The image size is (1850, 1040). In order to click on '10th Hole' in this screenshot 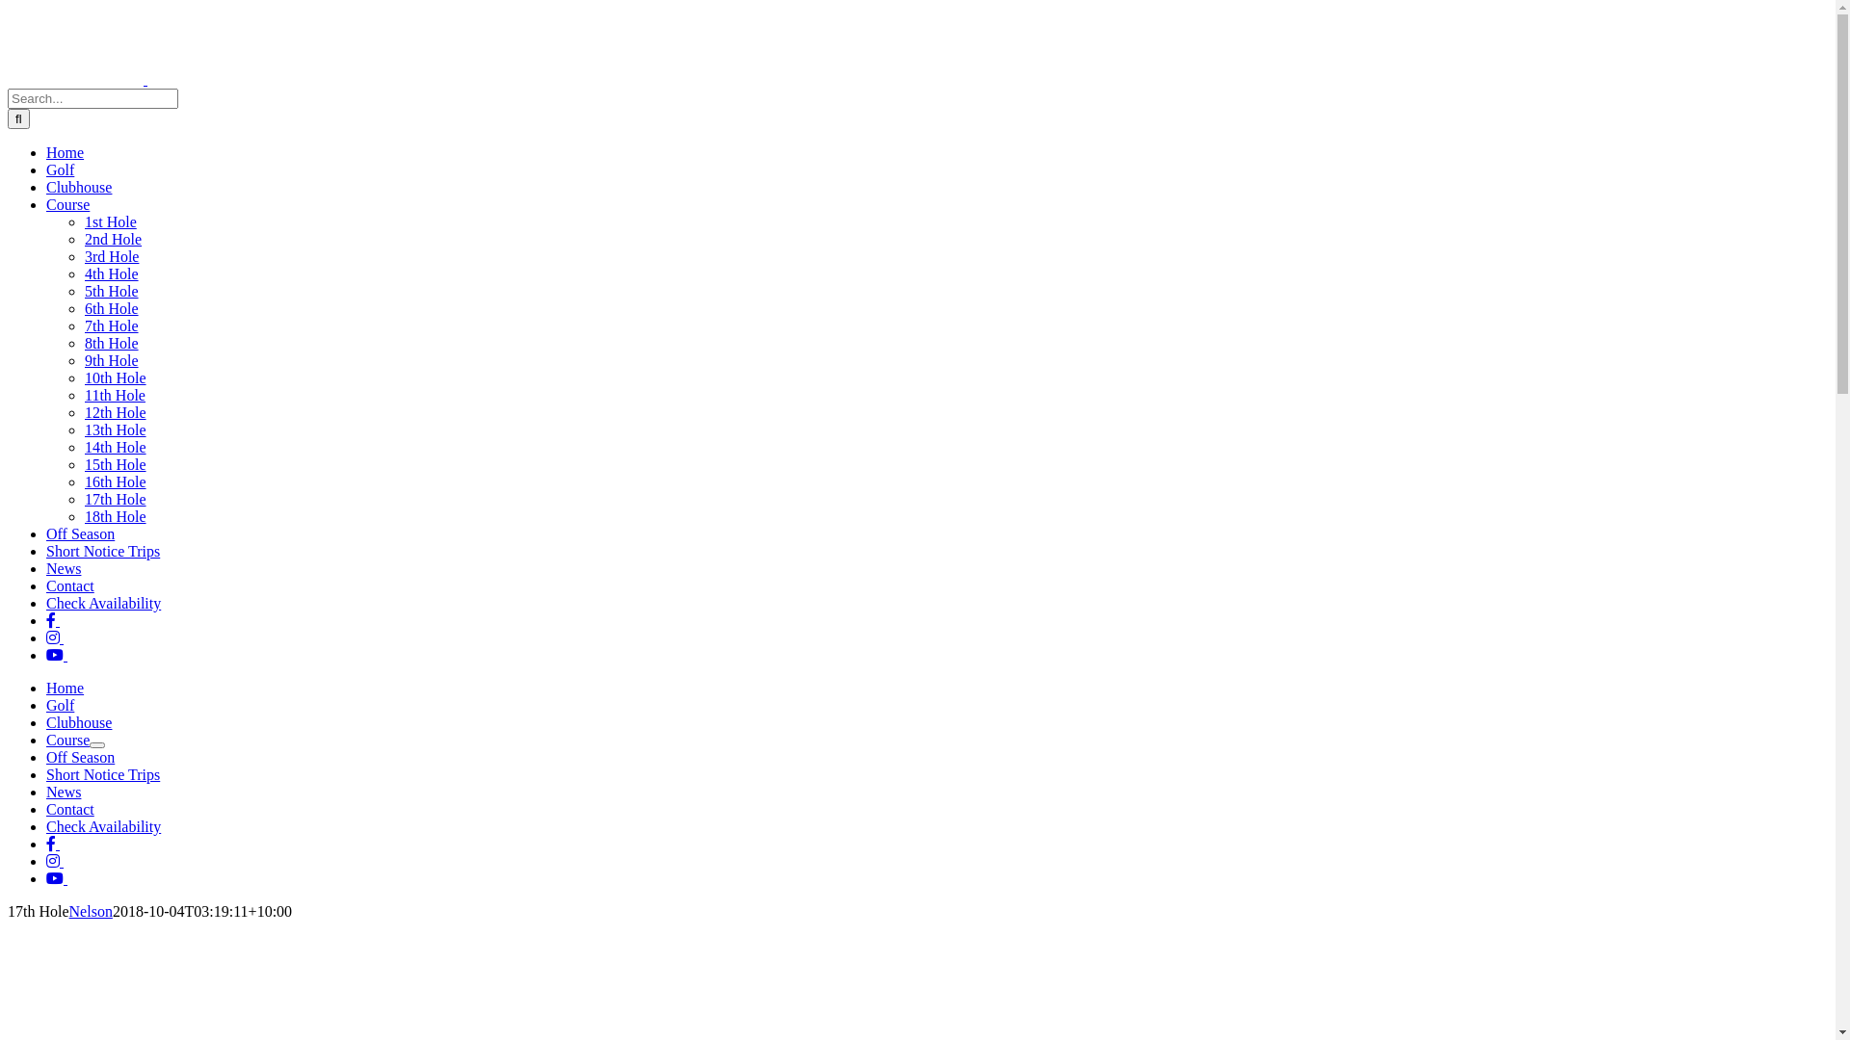, I will do `click(115, 377)`.